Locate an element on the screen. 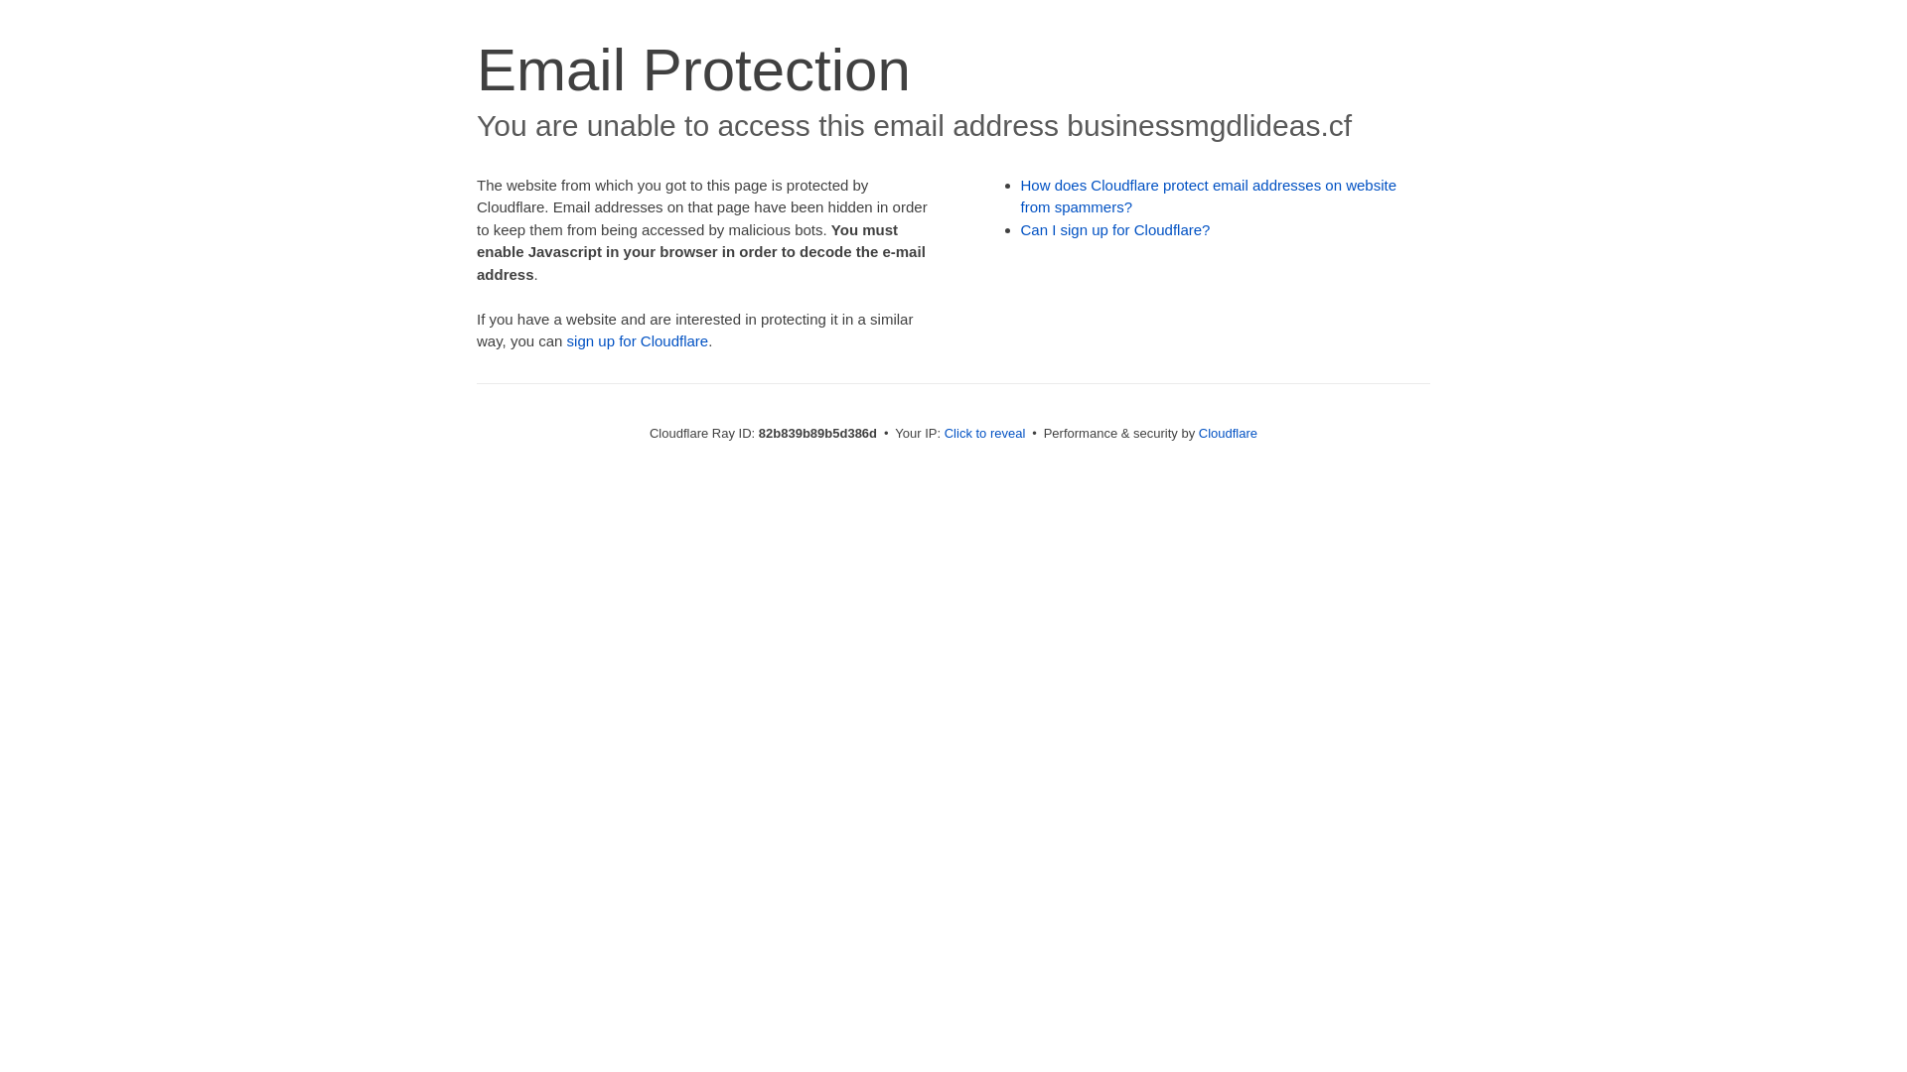 This screenshot has height=1072, width=1907. 'Cloudflare' is located at coordinates (1227, 432).